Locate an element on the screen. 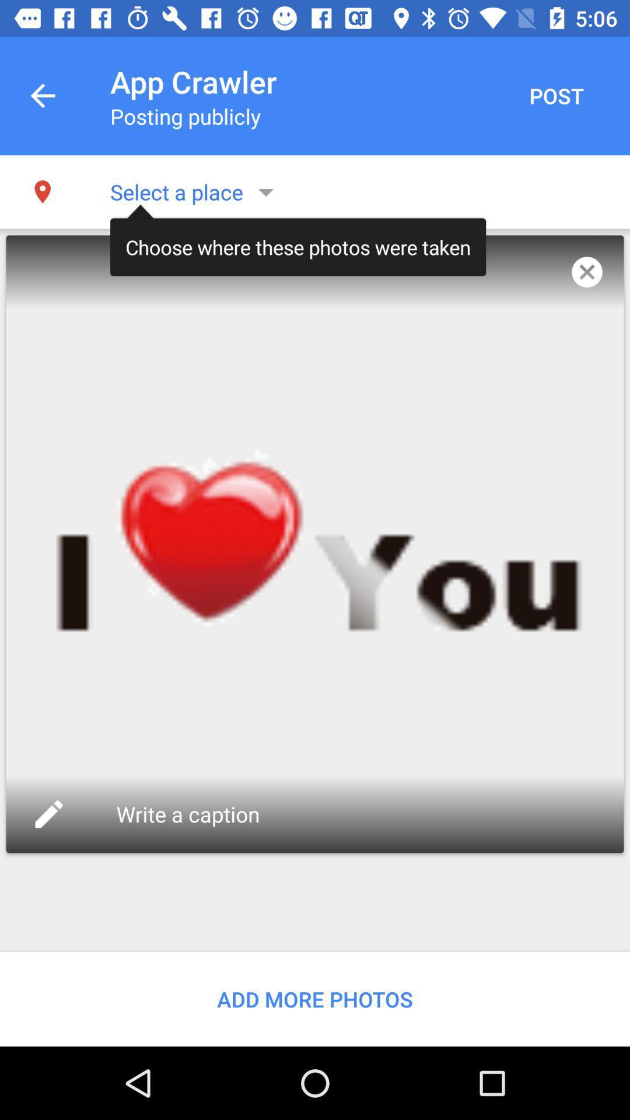 The height and width of the screenshot is (1120, 630). the item to the right of the app crawler app is located at coordinates (555, 96).